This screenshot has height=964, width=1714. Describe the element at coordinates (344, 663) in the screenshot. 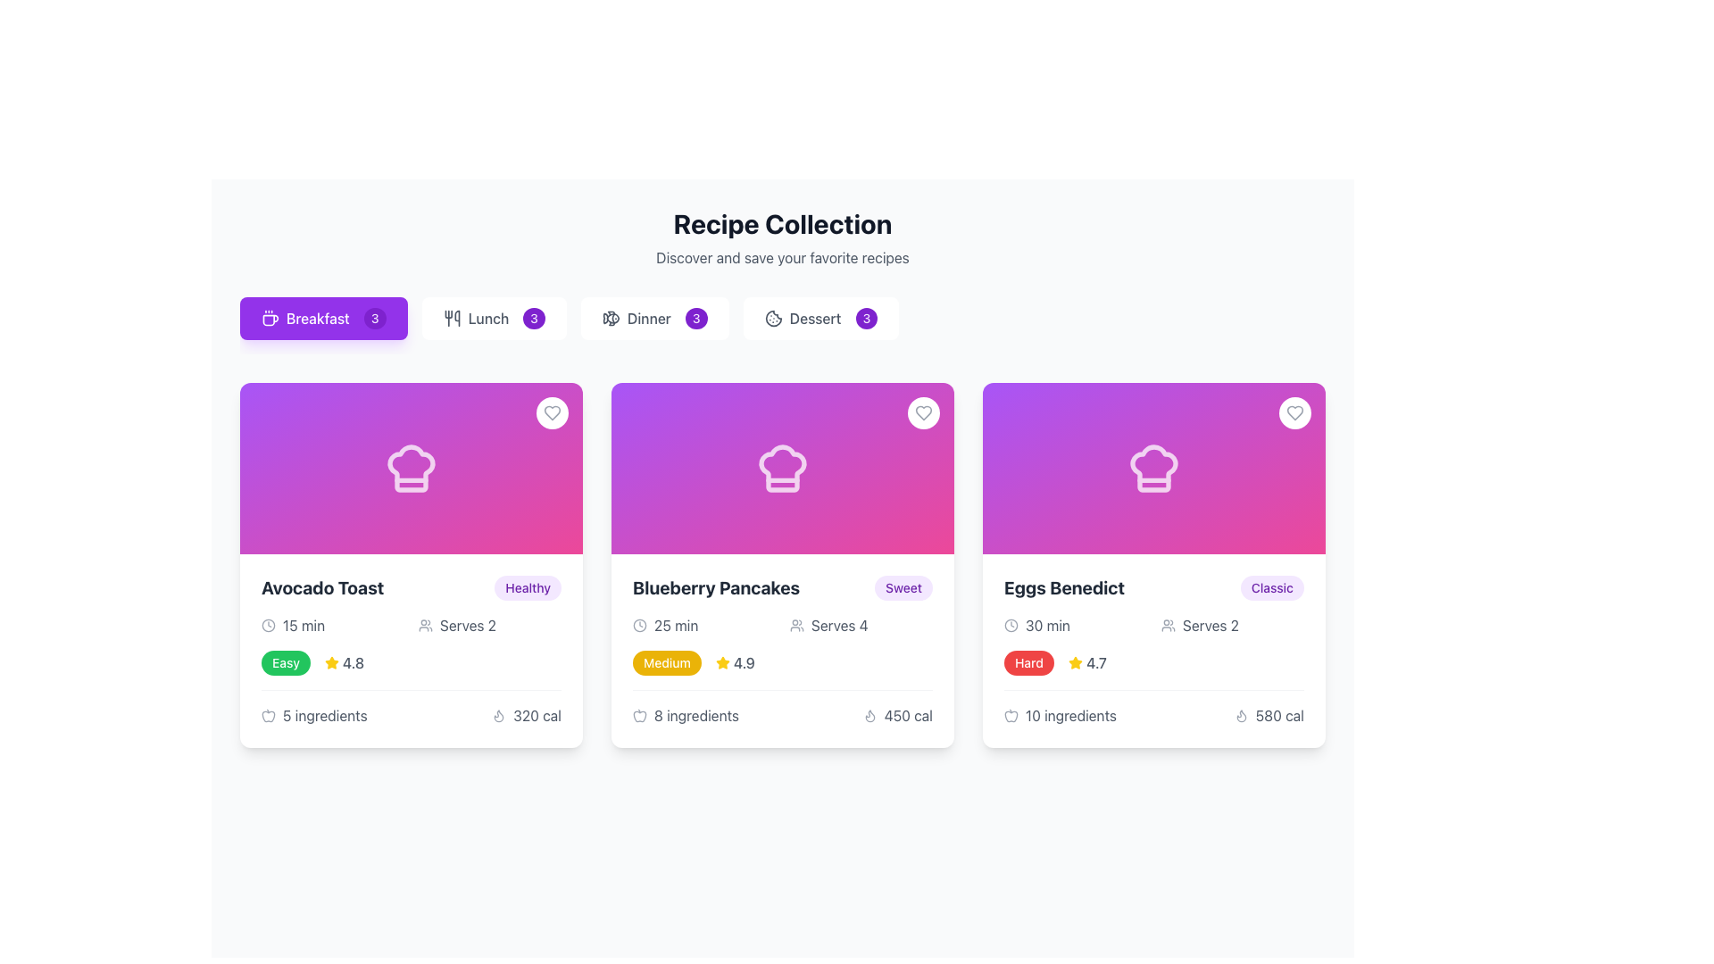

I see `the rating indicator element showing a yellow star icon and the text '4.8' within the 'Avocado Toast' card in the recipe grid` at that location.